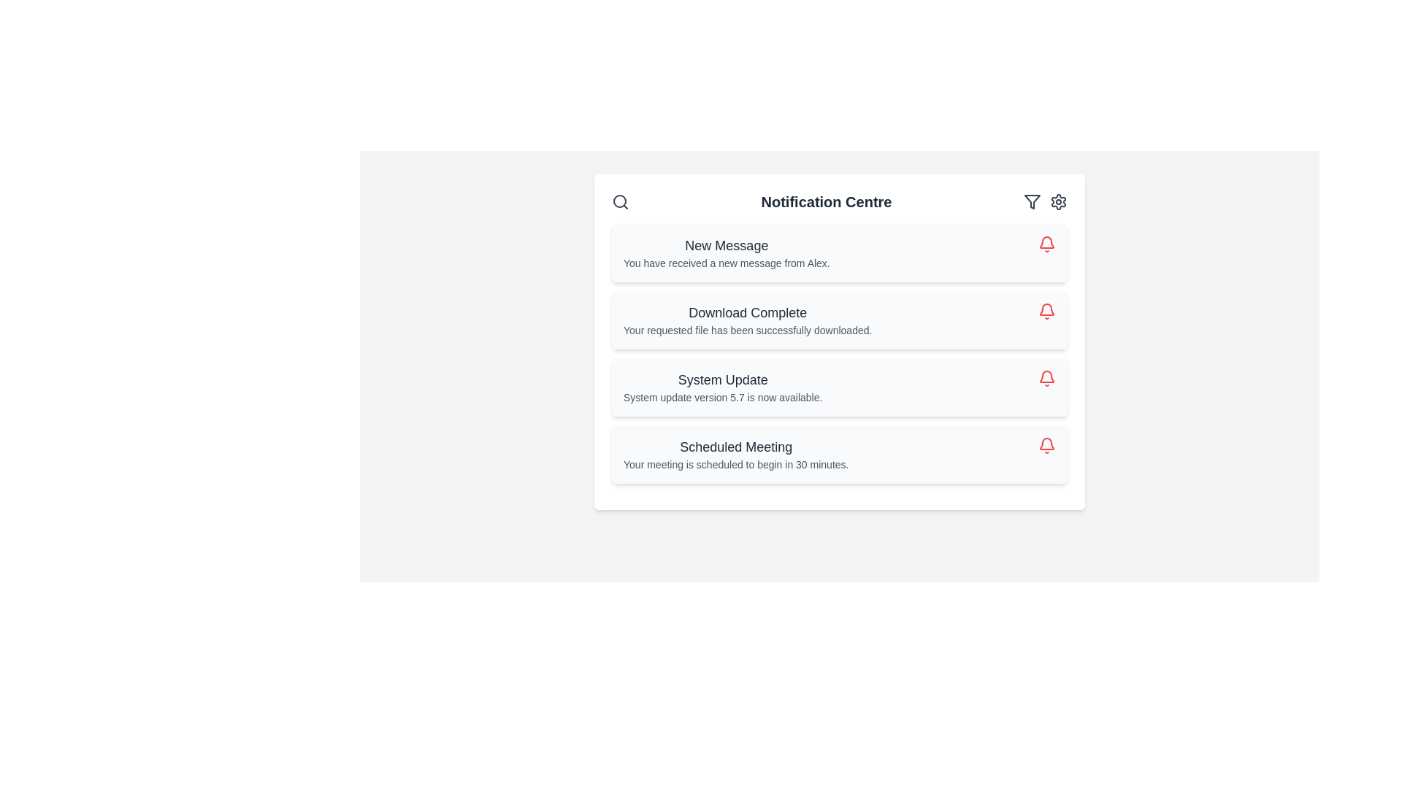 The image size is (1402, 788). Describe the element at coordinates (1032, 202) in the screenshot. I see `the filter icon represented by an outline of a funnel in the top-right corner of the notification center modal` at that location.